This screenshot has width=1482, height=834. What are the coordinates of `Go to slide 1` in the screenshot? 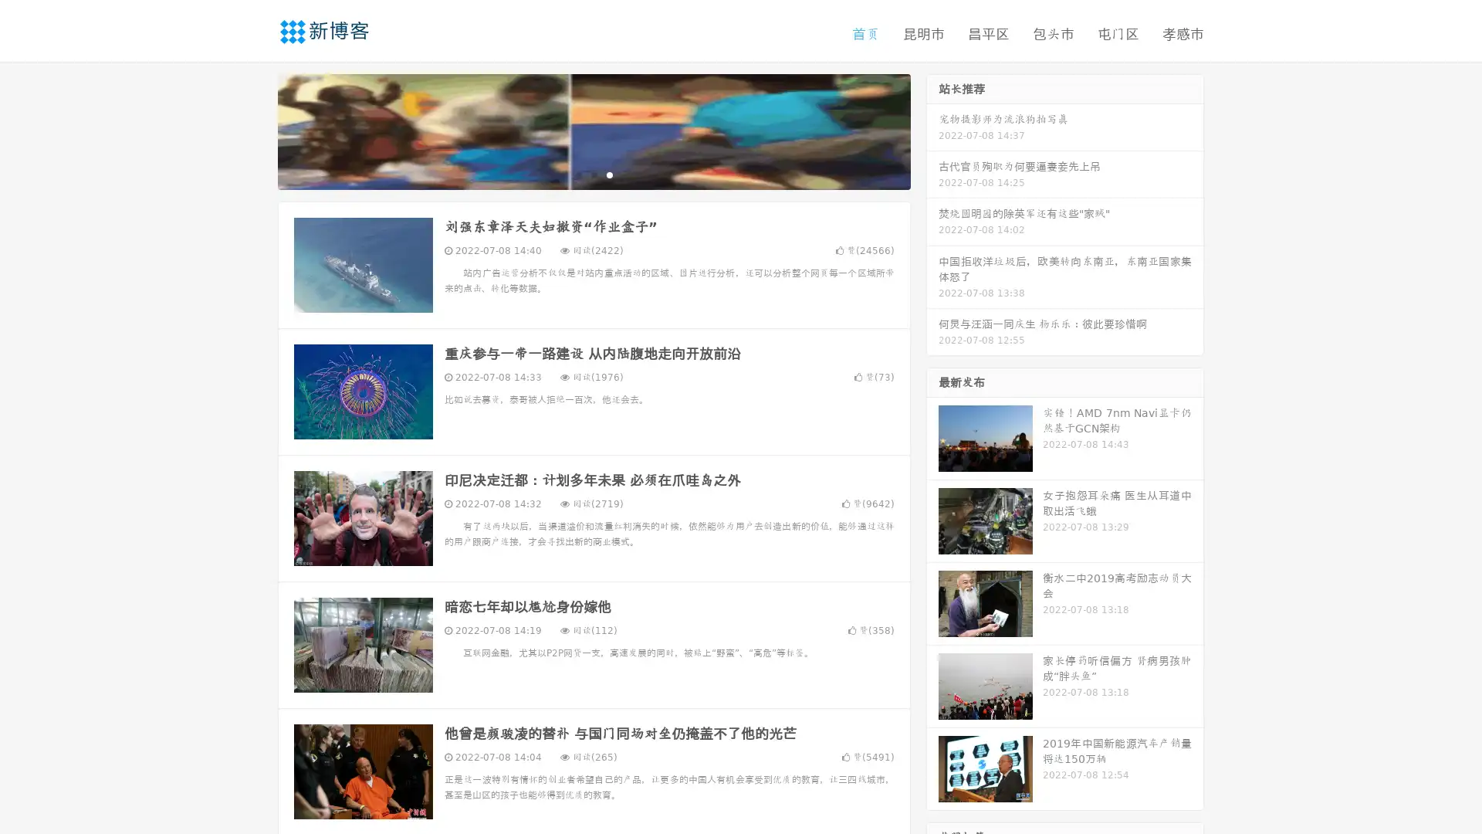 It's located at (577, 174).